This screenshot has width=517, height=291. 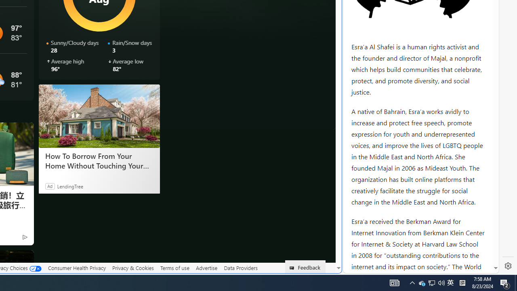 I want to click on 'LendingTree', so click(x=70, y=186).